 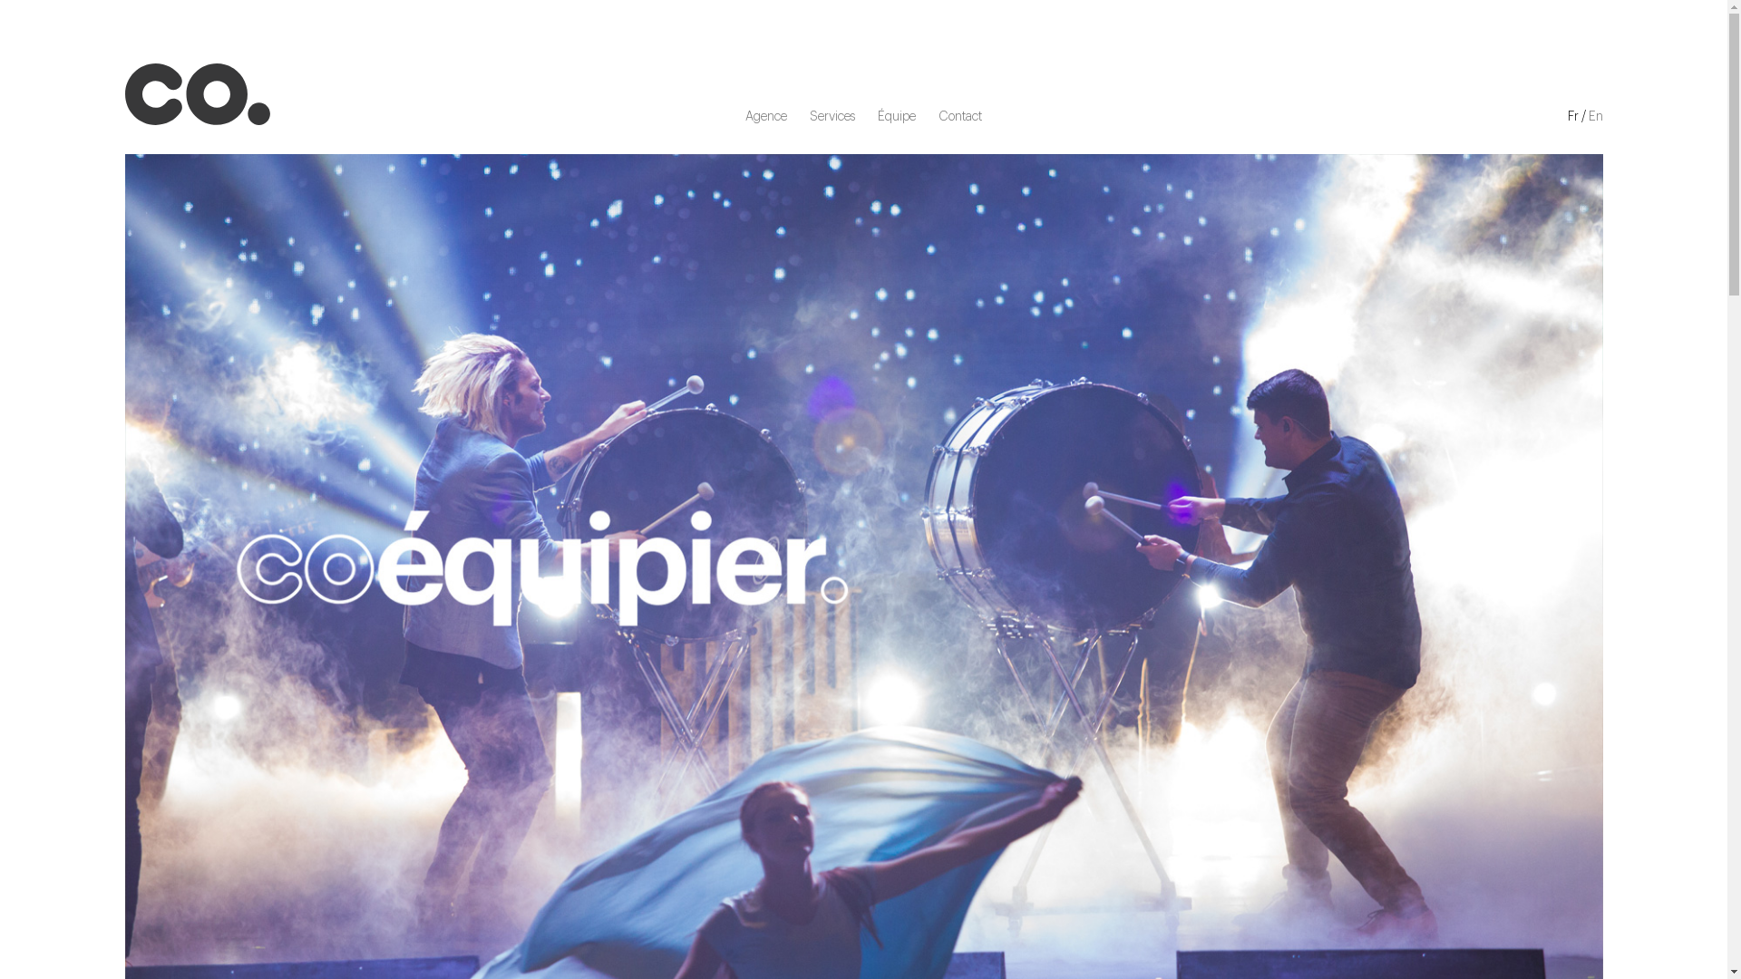 What do you see at coordinates (929, 111) in the screenshot?
I see `'Contact'` at bounding box center [929, 111].